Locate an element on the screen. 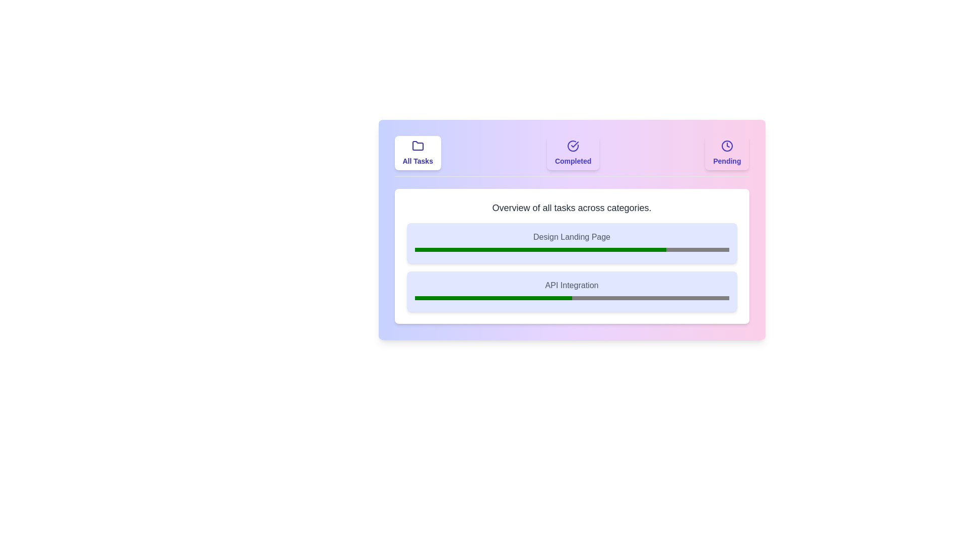 The image size is (967, 544). the middle button labeled 'Completed' with a checkmark icon to filter tasks in the task overview interface is located at coordinates (572, 156).